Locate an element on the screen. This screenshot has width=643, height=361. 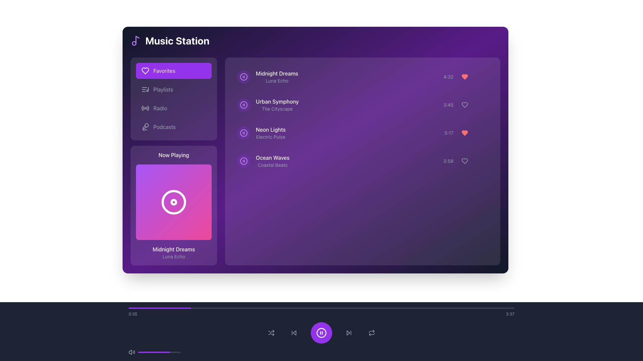
the fourth button in the vertical list of buttons in the left sidebar, which is positioned beneath the 'Radio' button and above the 'Now Playing' section, to change its appearance is located at coordinates (173, 127).